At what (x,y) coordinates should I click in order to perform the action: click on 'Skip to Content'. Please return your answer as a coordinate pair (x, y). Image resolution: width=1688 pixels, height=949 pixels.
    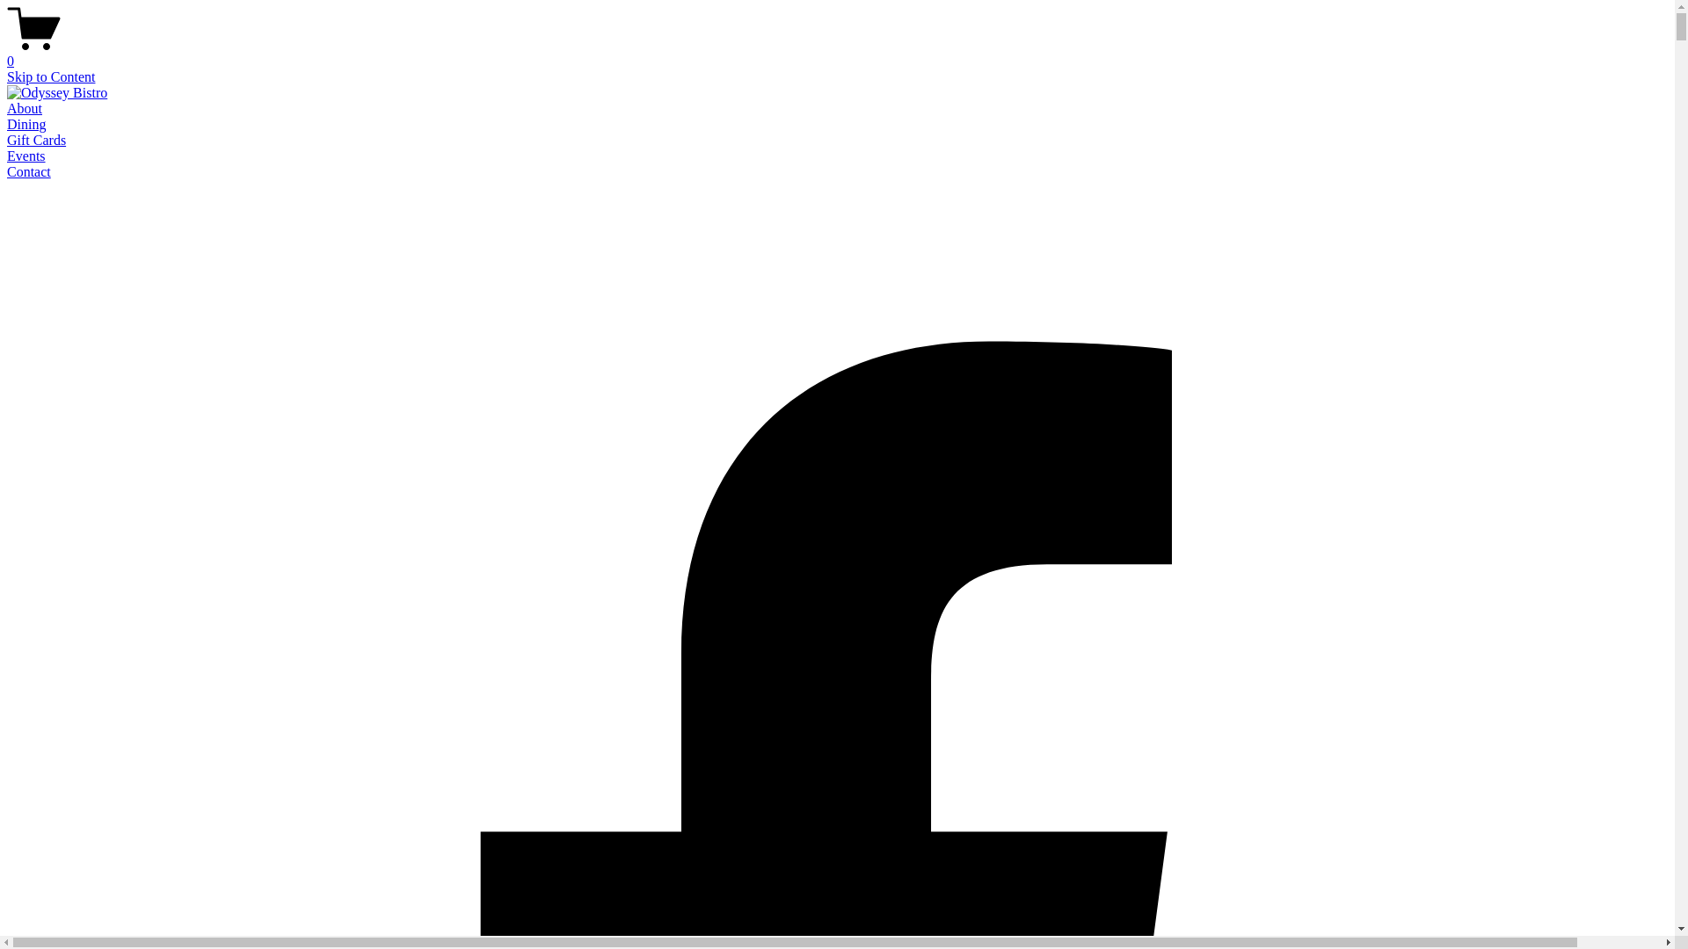
    Looking at the image, I should click on (50, 76).